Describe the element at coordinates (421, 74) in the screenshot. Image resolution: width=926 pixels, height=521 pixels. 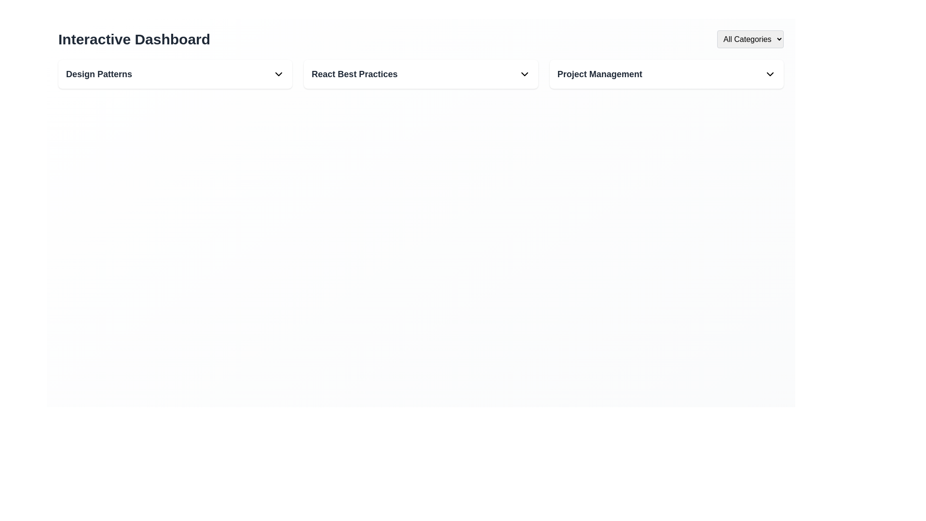
I see `the 'React Best Practices' section of the categorized navigation bar` at that location.